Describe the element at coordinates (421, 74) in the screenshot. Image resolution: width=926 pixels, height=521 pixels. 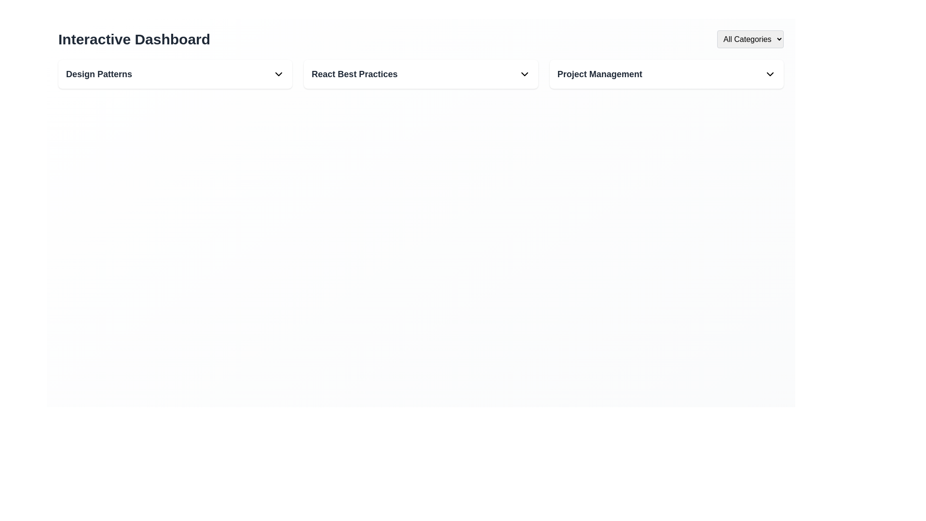
I see `the 'React Best Practices' section of the categorized navigation bar` at that location.